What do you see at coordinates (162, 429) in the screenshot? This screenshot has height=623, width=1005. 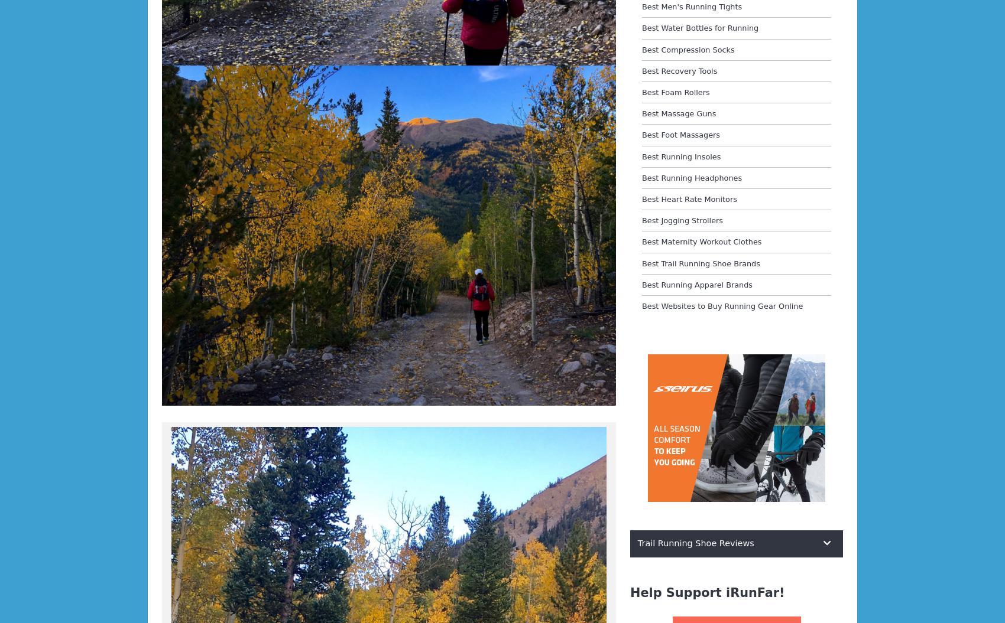 I see `'Around 8:30 a.m., Meghan let a friend know that she was descending a cold and slick Harvard with Nick. She’s had all her clothes on and was eating, but it’s darn tough going out there with the thousands of feet of slick descent being rough. From the warmth of a coffee shop, it sounds like it was a pretty miserable night out there.'` at bounding box center [162, 429].